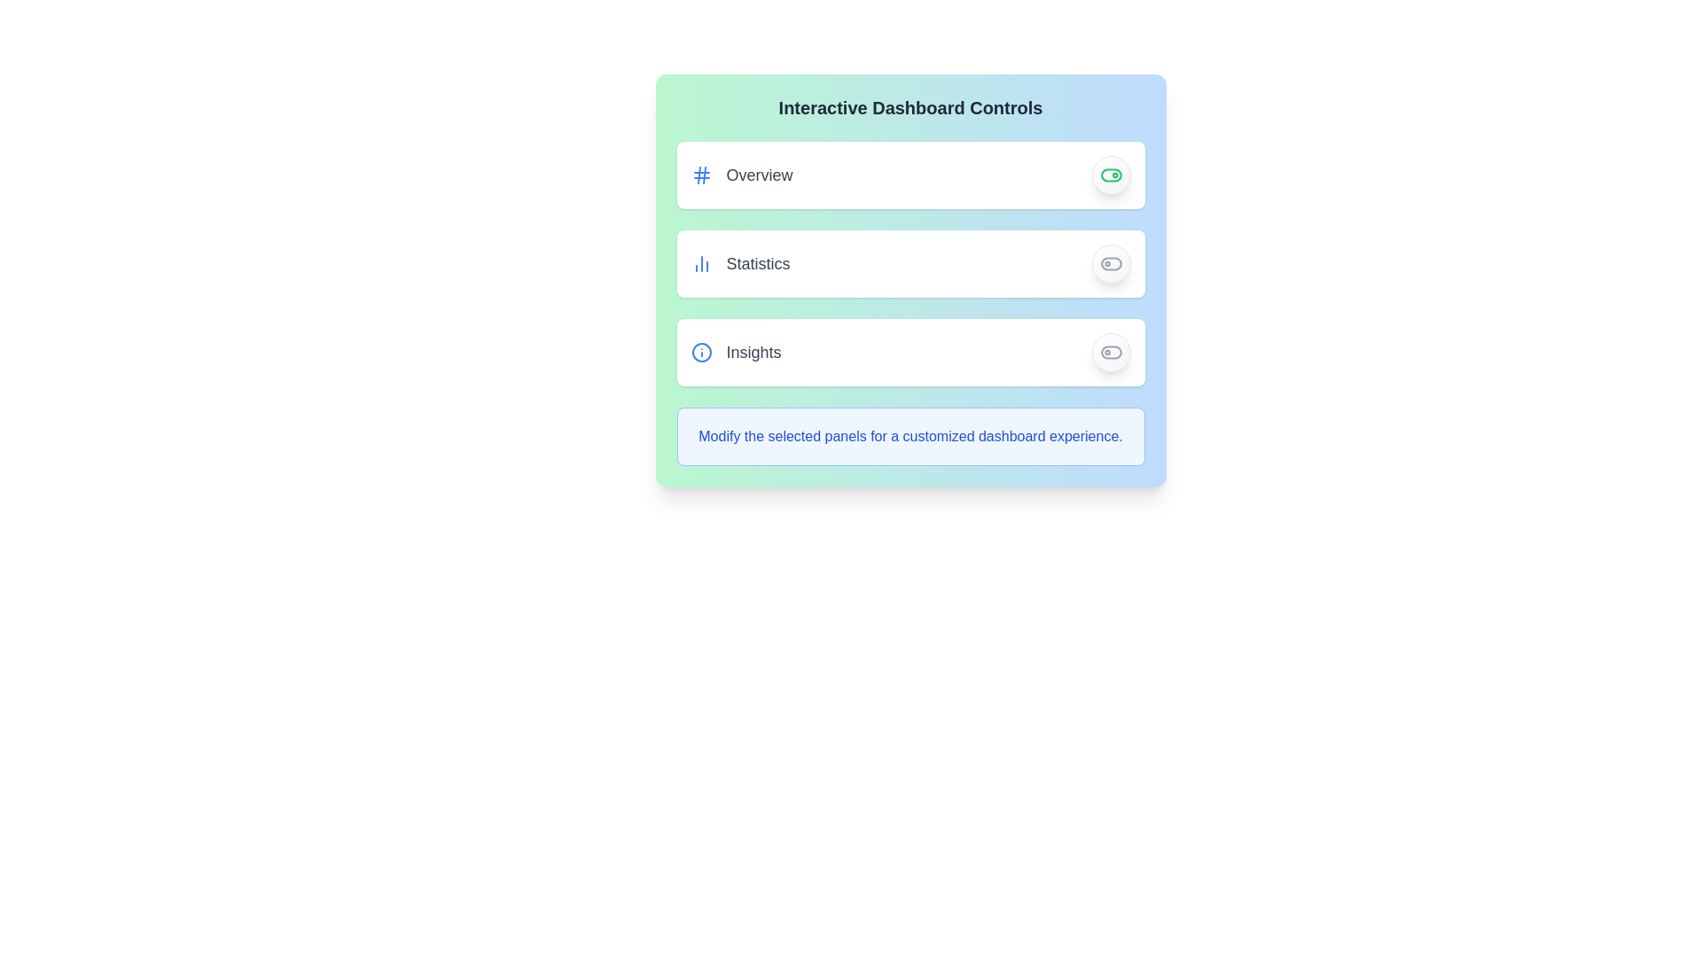 The height and width of the screenshot is (957, 1702). I want to click on the toggle switch styled with a gradient background from white to gray, located at the far-right side within the first row of the section labeled 'Overview' to switch its state, so click(1110, 175).